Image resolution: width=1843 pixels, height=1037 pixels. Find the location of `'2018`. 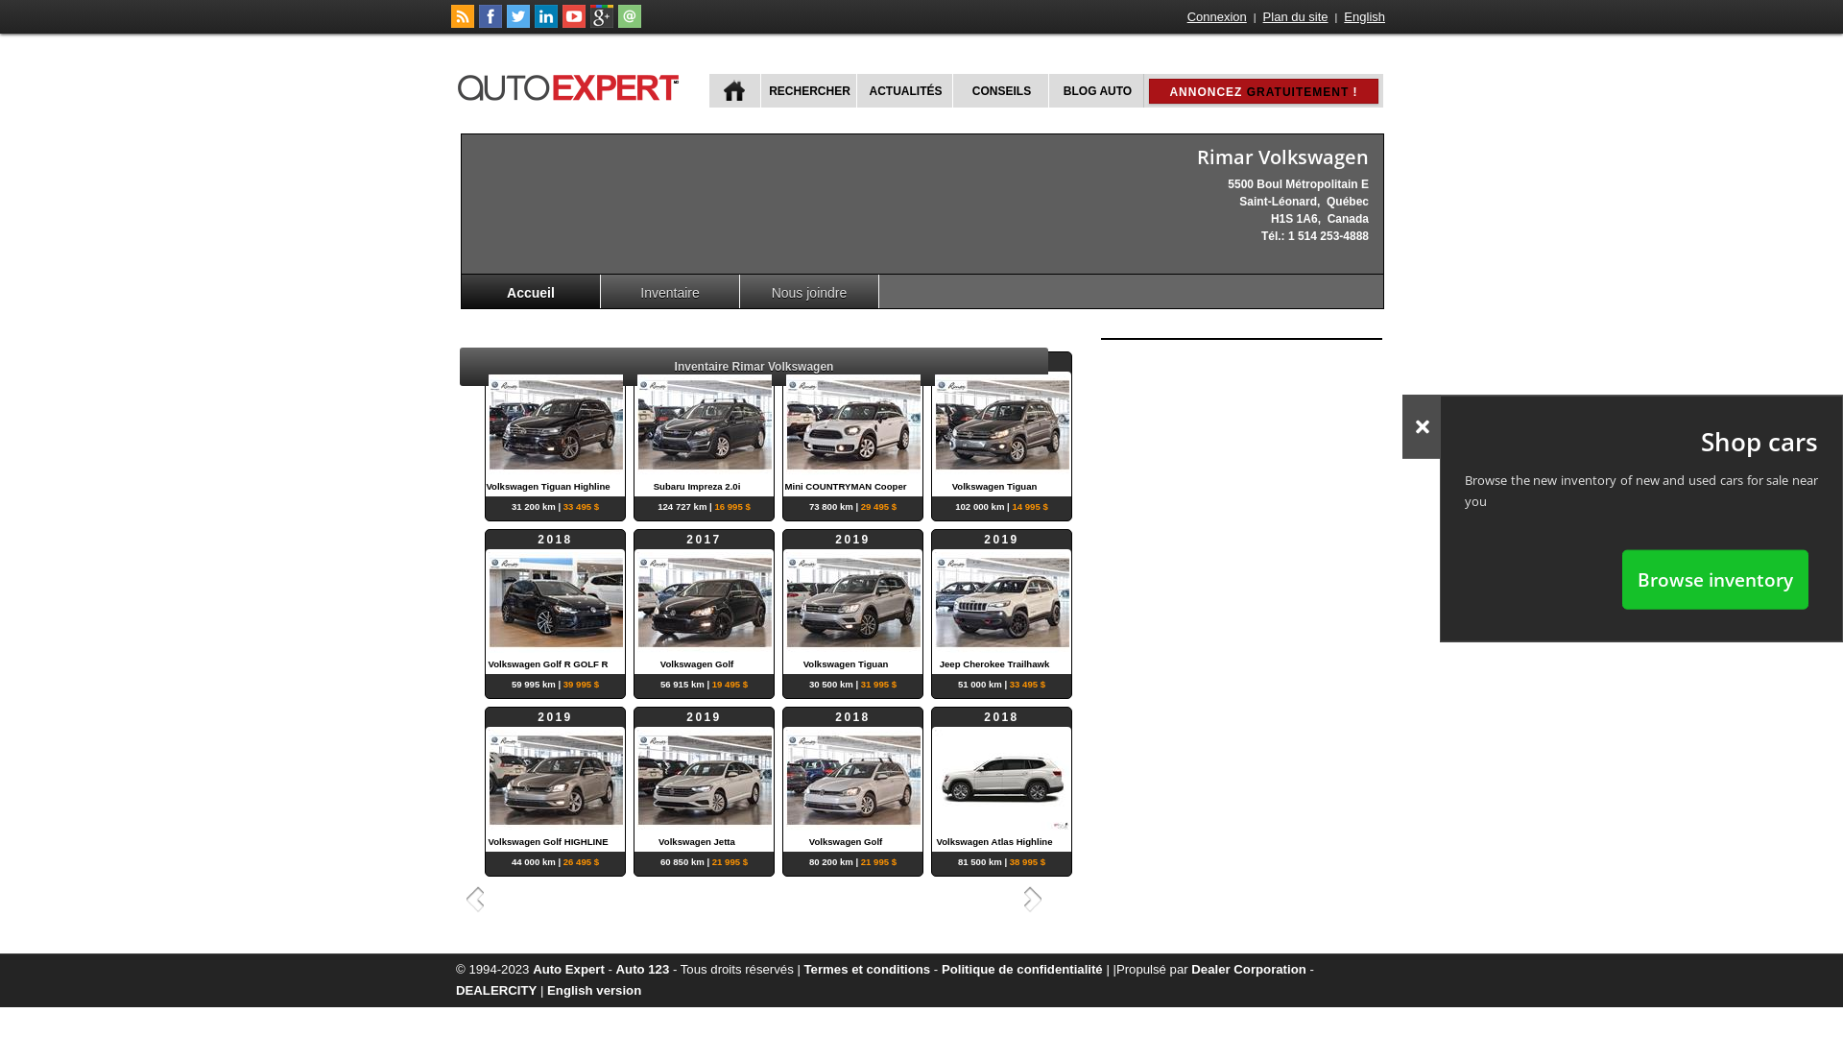

'2018 is located at coordinates (851, 780).